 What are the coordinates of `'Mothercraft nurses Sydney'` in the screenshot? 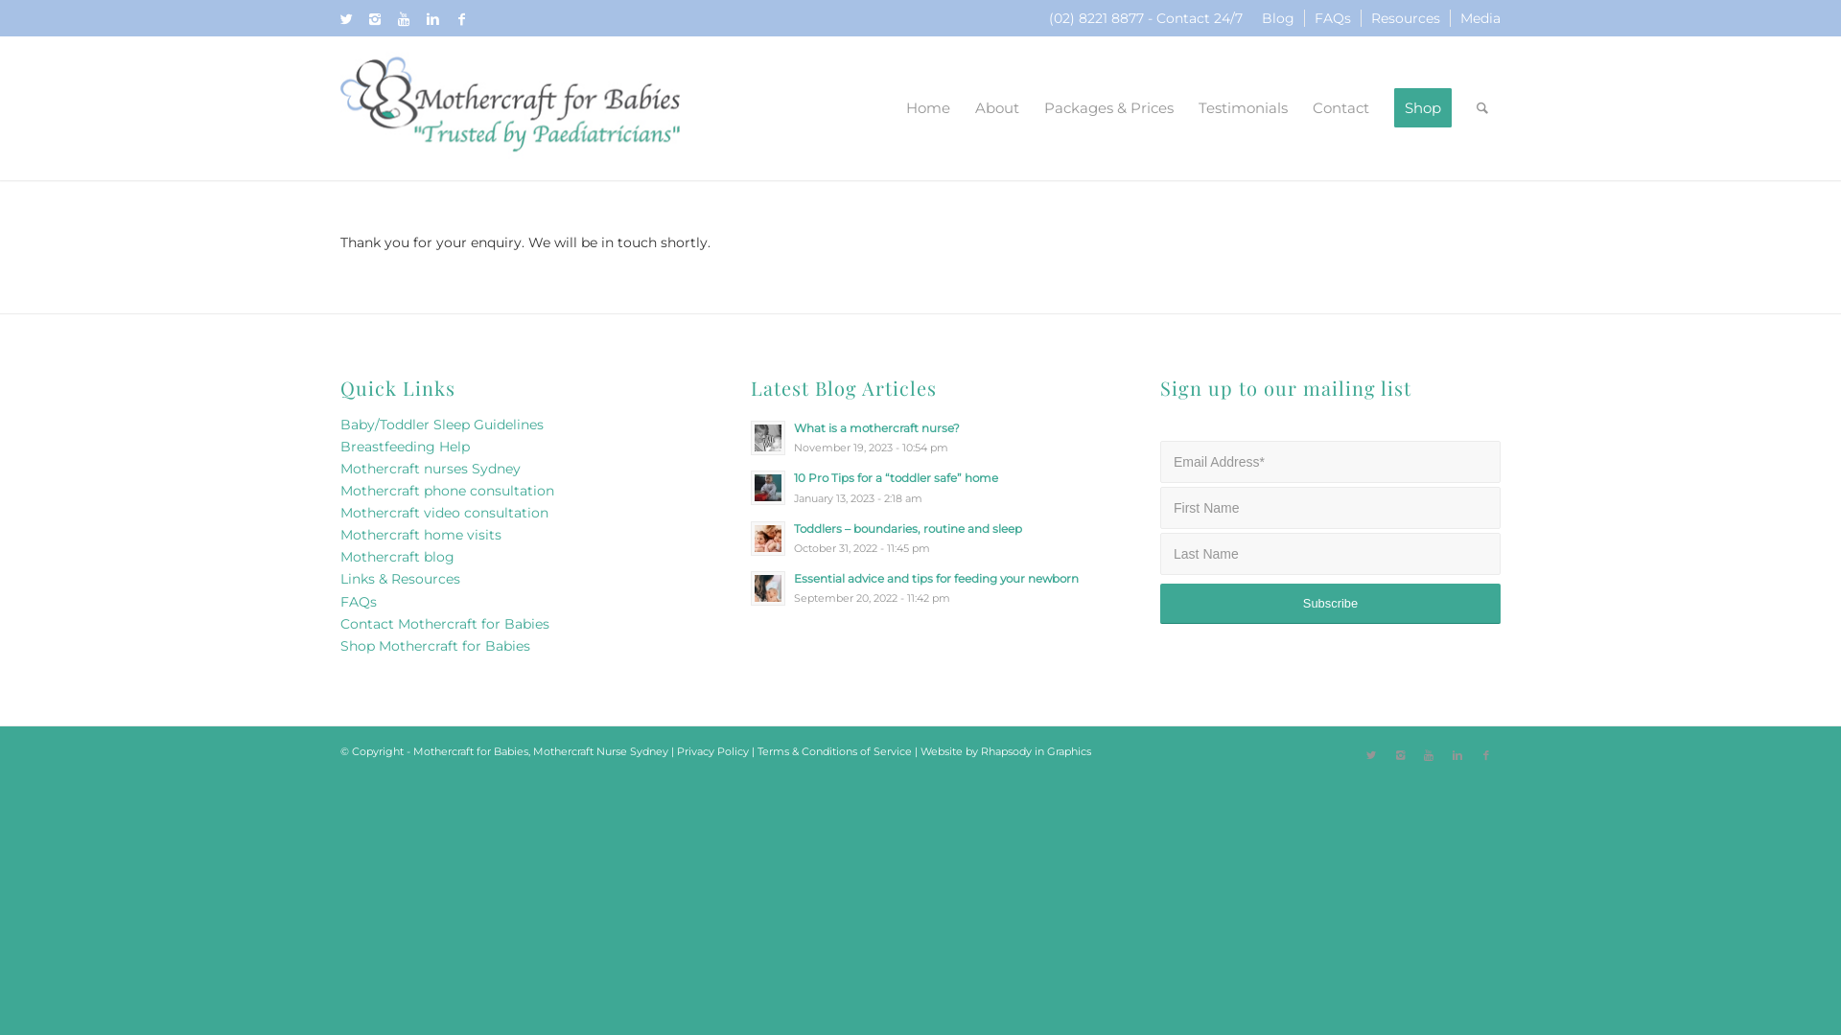 It's located at (430, 469).